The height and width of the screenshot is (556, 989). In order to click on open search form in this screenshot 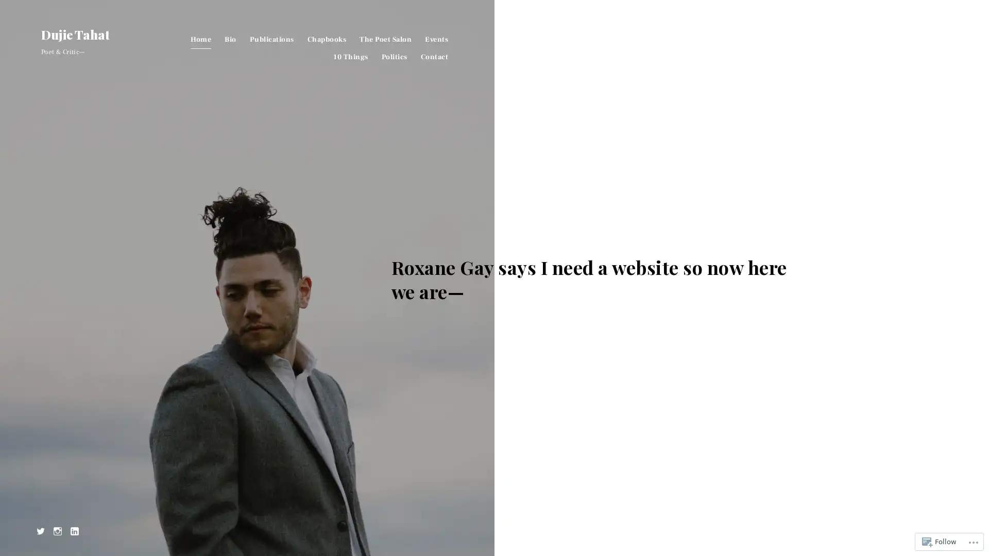, I will do `click(940, 35)`.